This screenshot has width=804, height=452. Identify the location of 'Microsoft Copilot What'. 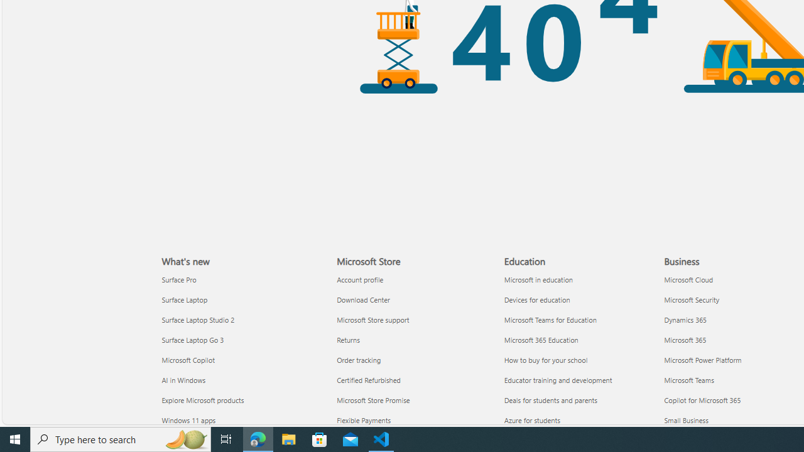
(187, 360).